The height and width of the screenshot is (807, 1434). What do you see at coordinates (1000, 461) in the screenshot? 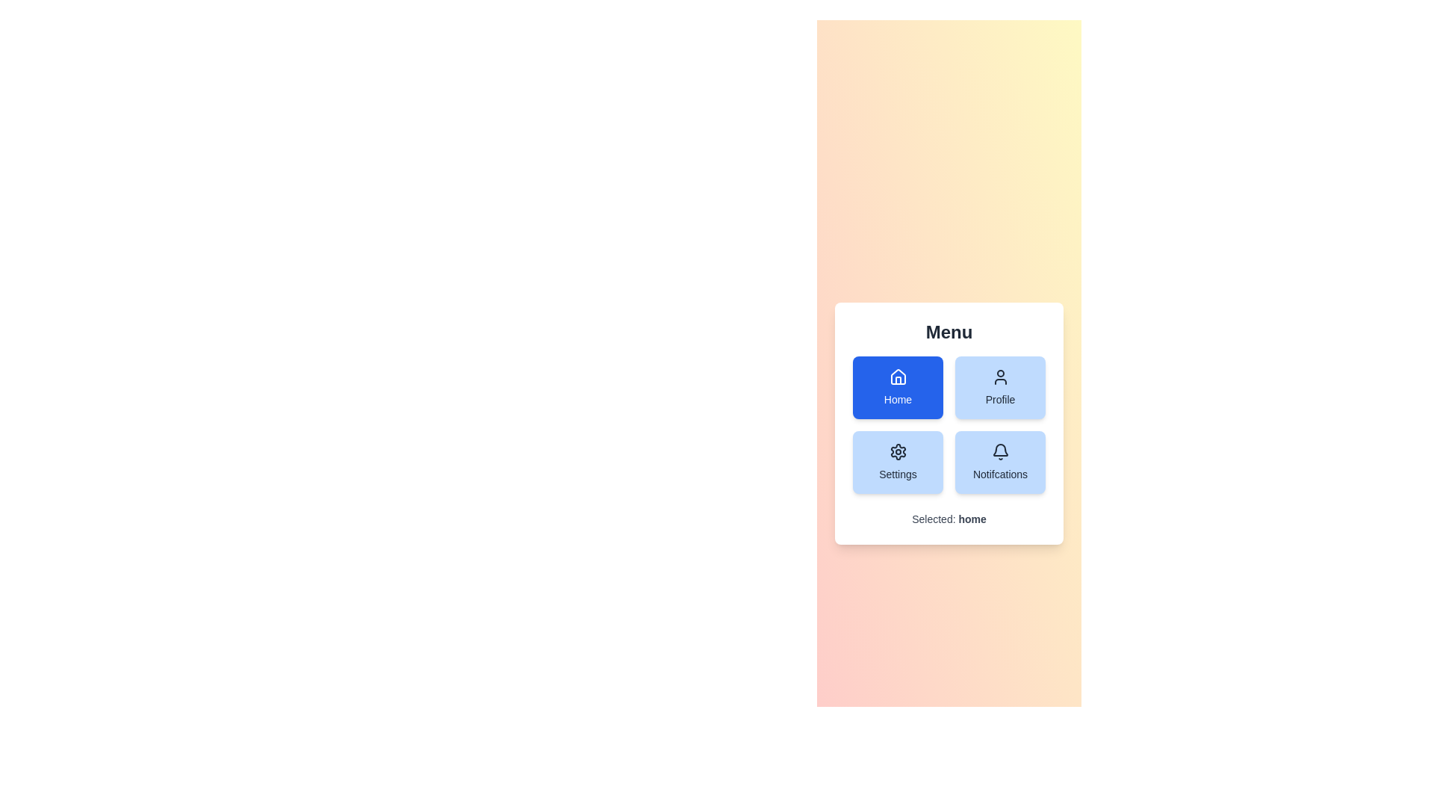
I see `the button labeled Notifications to observe visual feedback` at bounding box center [1000, 461].